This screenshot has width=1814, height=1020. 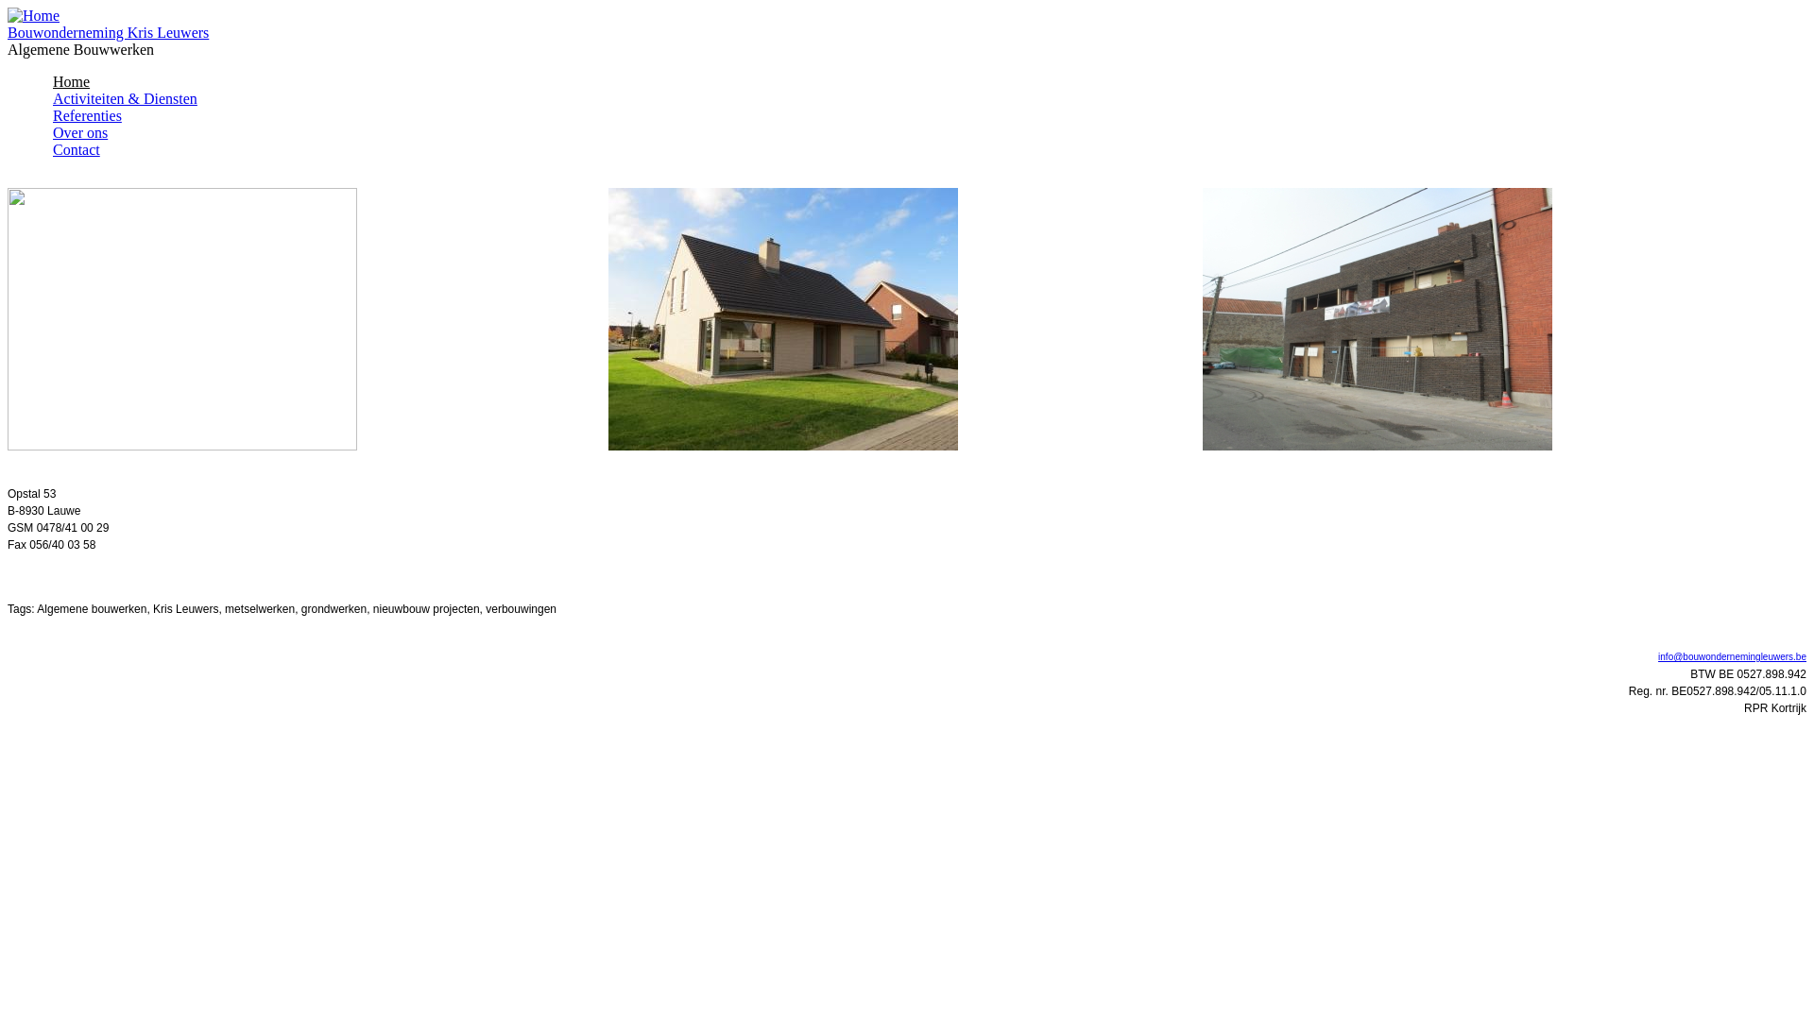 What do you see at coordinates (79, 131) in the screenshot?
I see `'Over ons'` at bounding box center [79, 131].